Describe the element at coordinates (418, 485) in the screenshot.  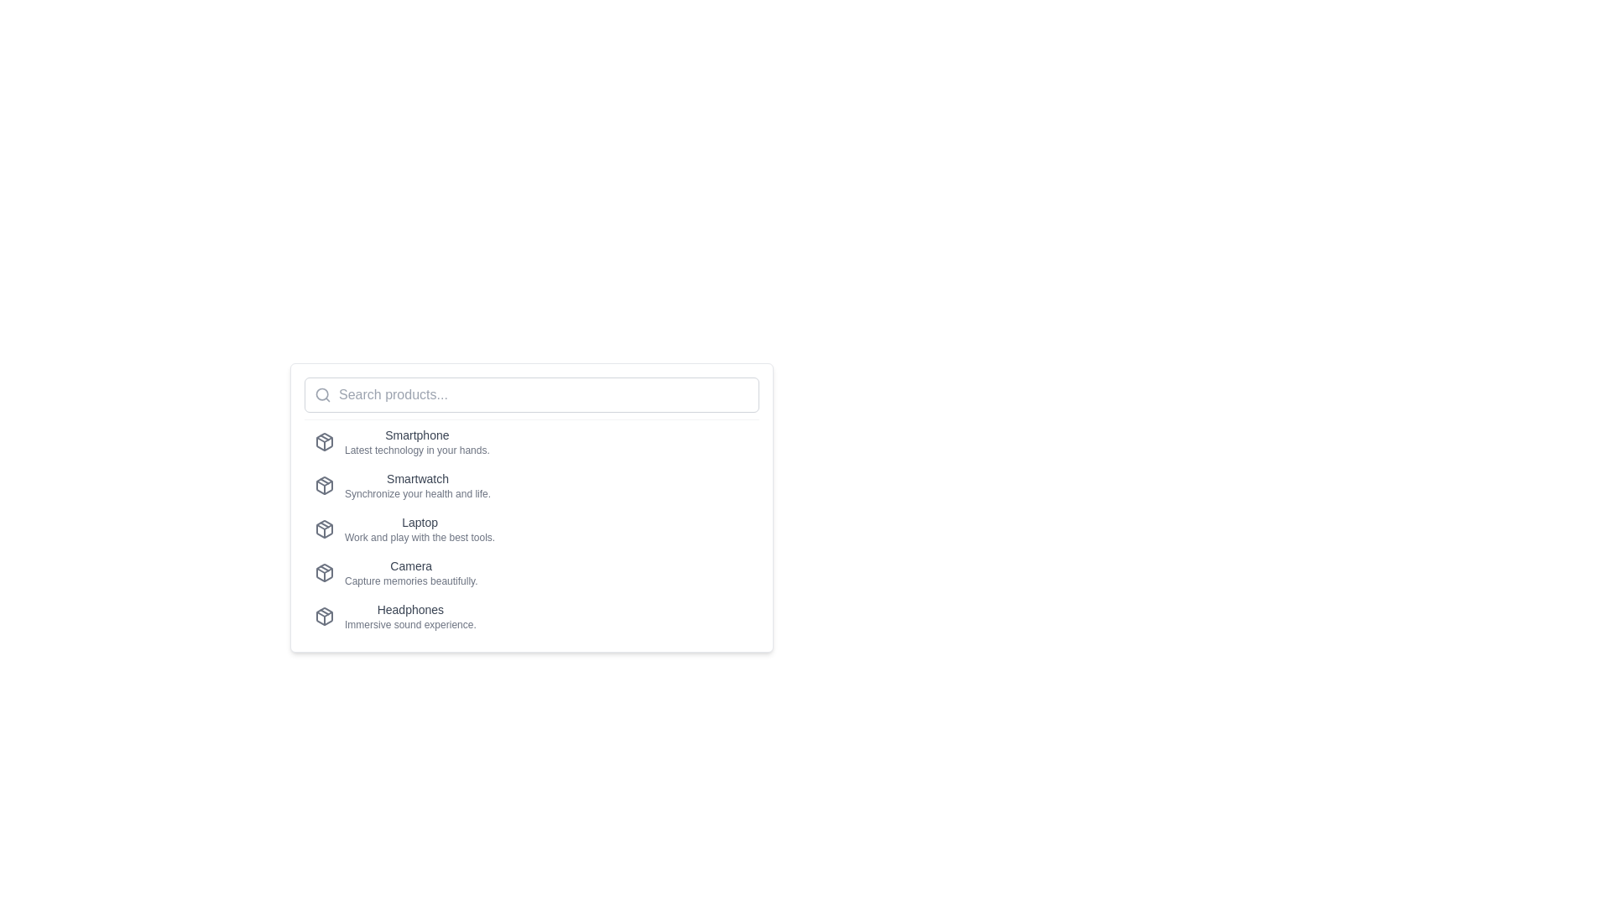
I see `the Text description block titled 'Smartwatch'` at that location.